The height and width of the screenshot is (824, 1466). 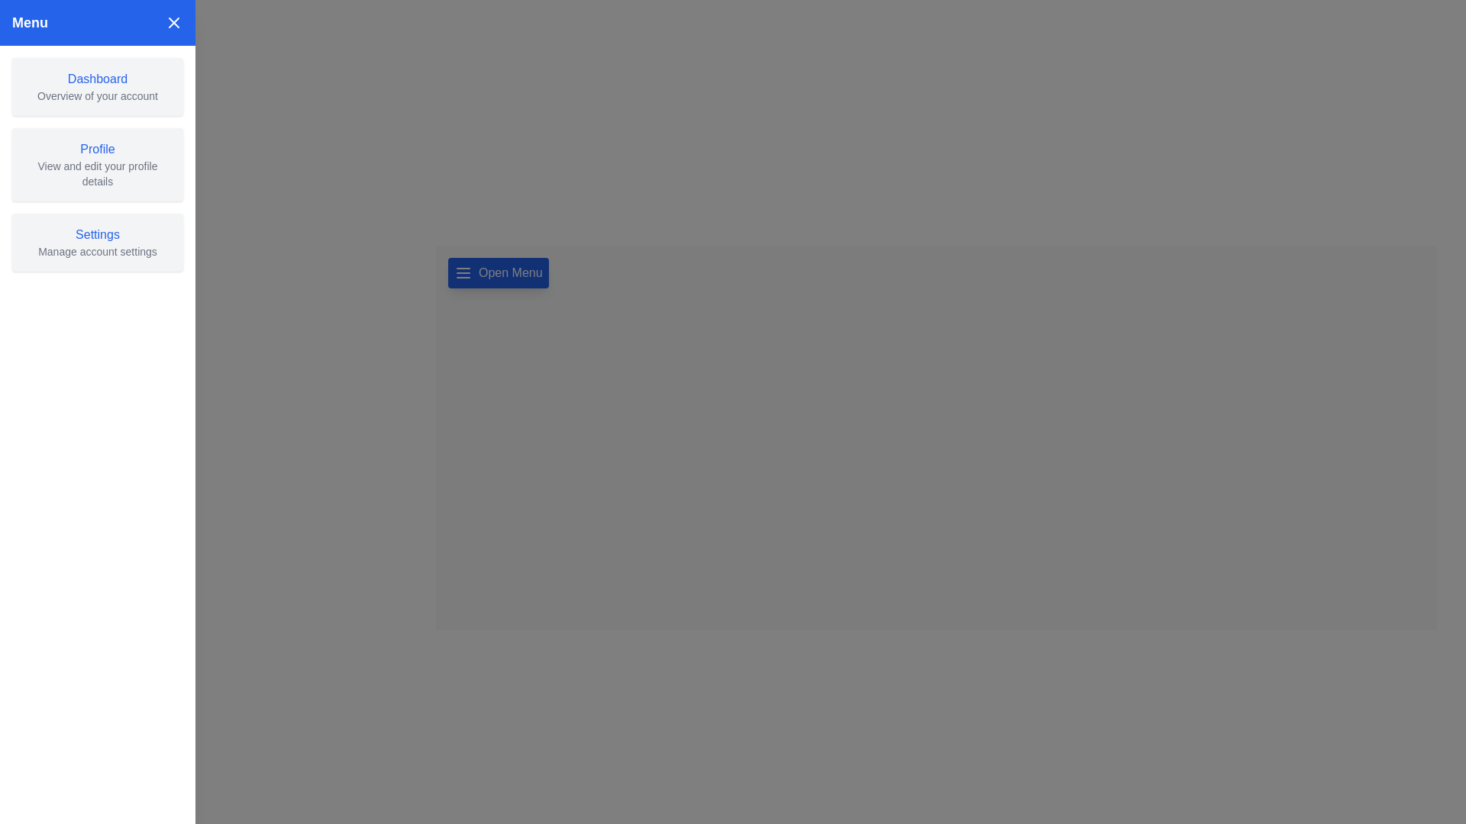 I want to click on the 'Settings' button-like menu item, so click(x=97, y=241).